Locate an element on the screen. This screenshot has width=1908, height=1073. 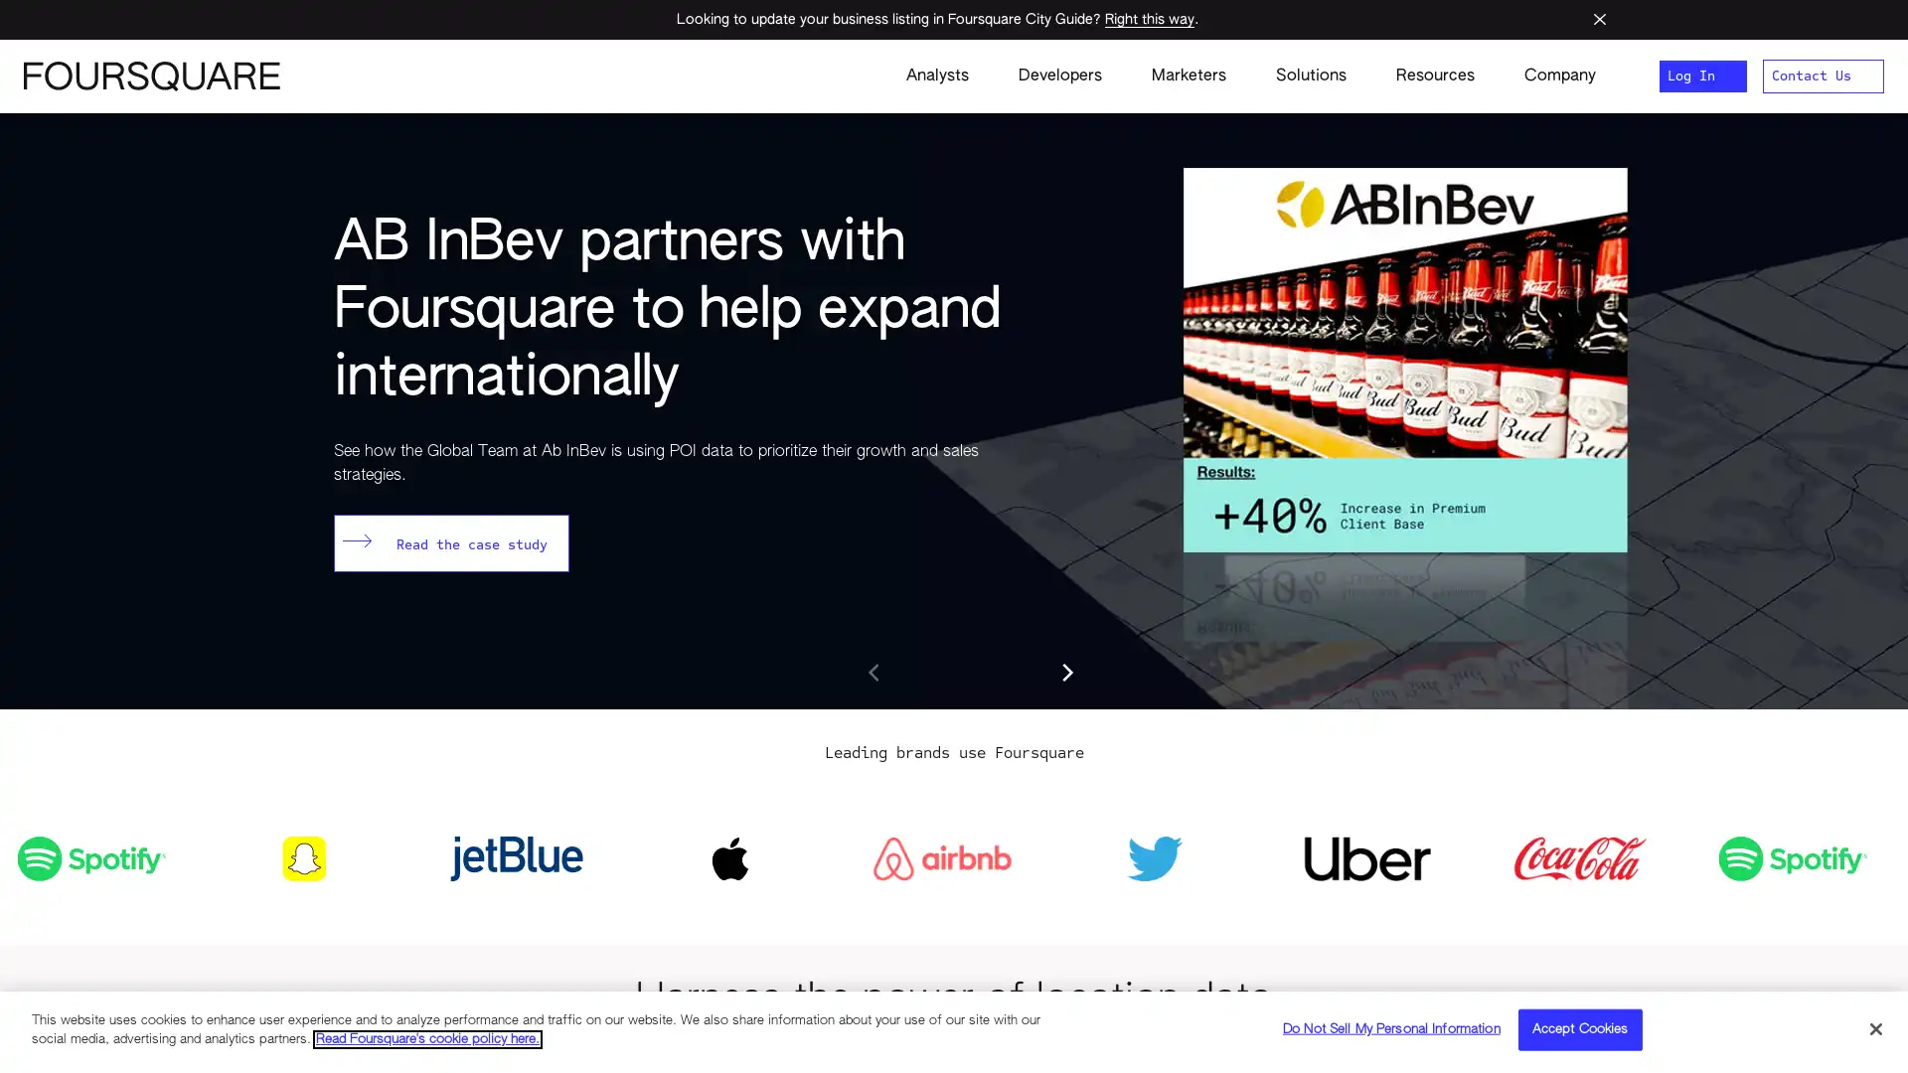
Accept Cookies is located at coordinates (1578, 1028).